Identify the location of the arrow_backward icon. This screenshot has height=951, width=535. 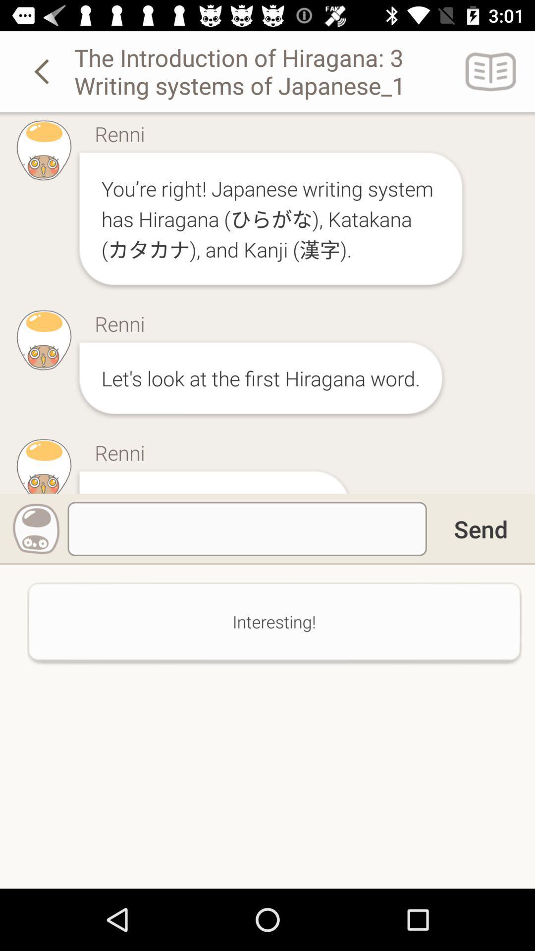
(43, 71).